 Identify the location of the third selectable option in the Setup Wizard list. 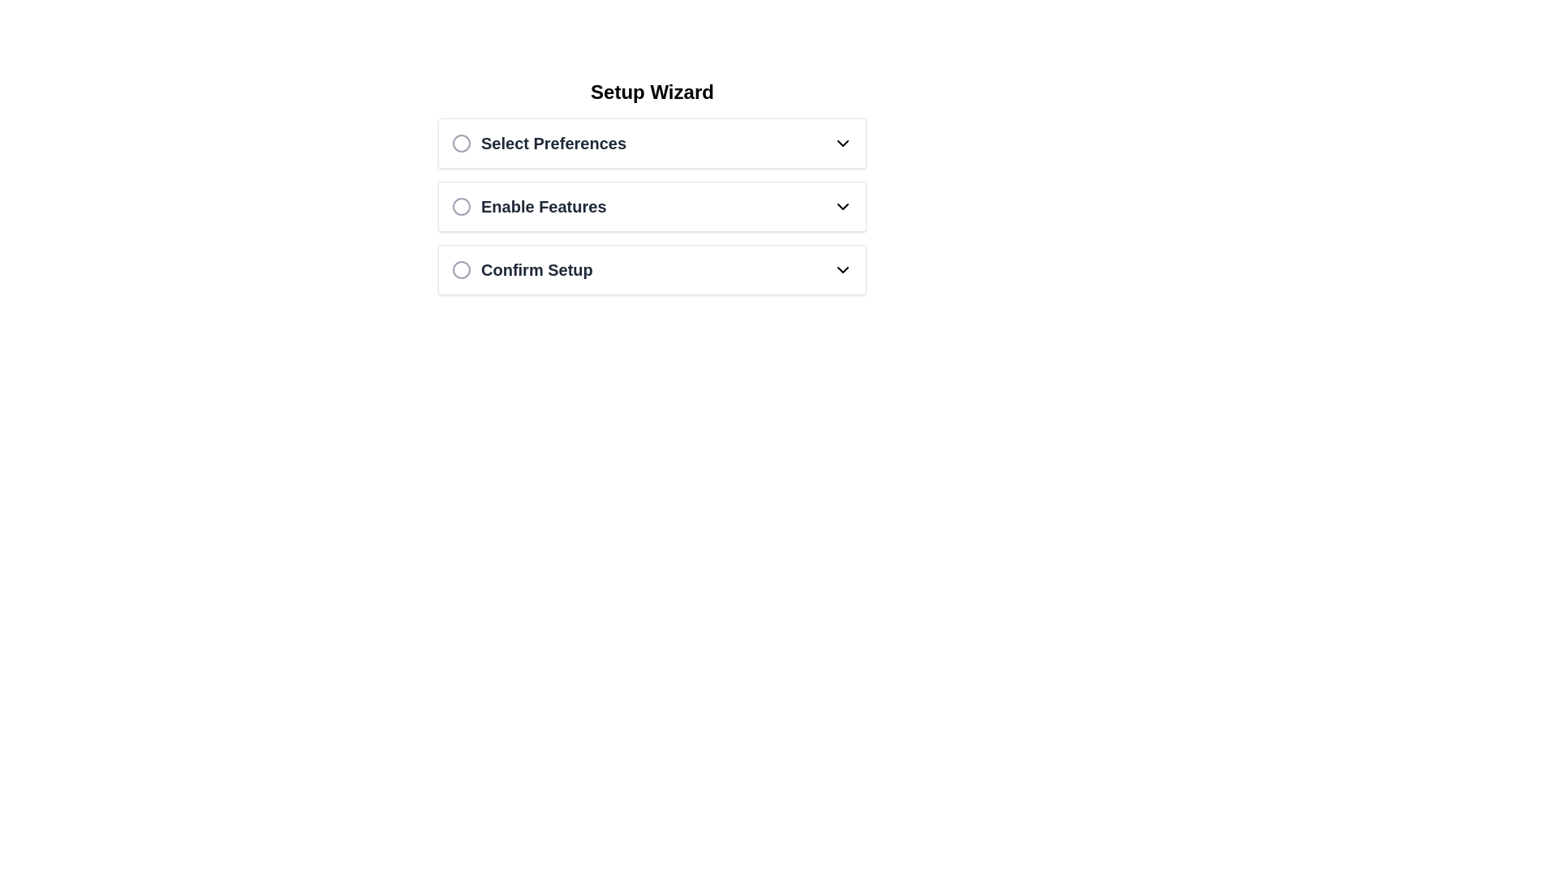
(522, 268).